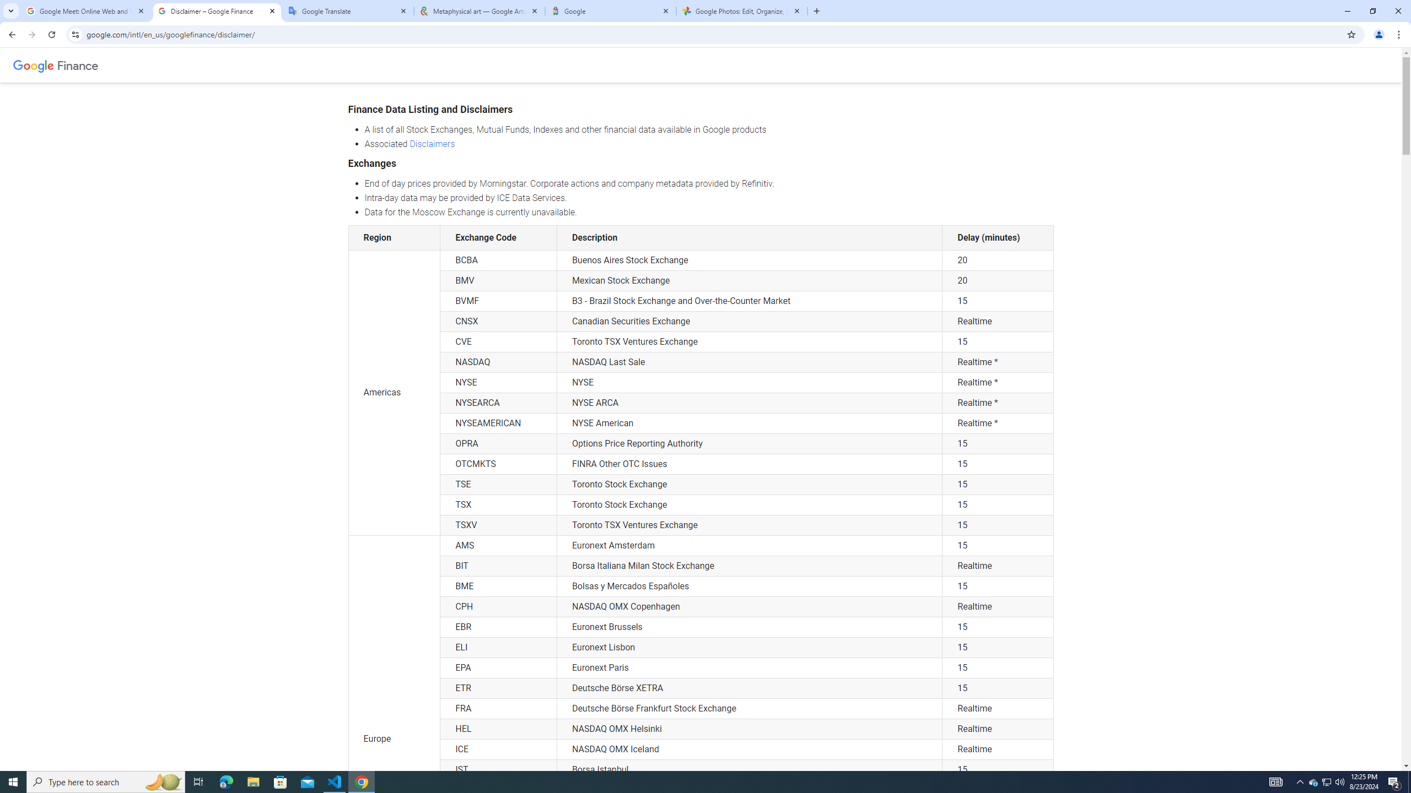  Describe the element at coordinates (750, 280) in the screenshot. I see `'Mexican Stock Exchange'` at that location.